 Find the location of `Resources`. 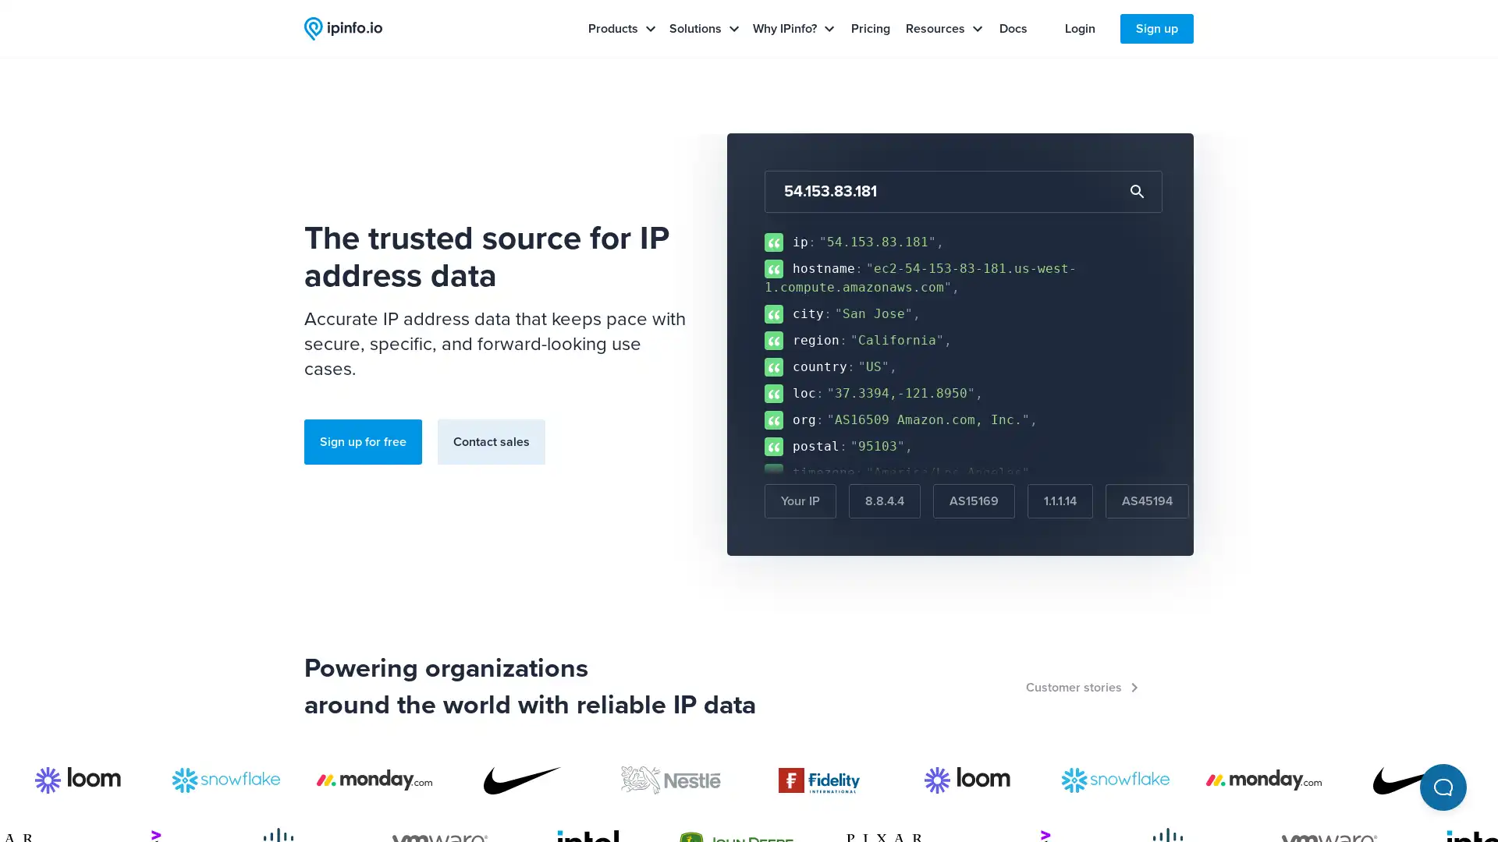

Resources is located at coordinates (943, 29).